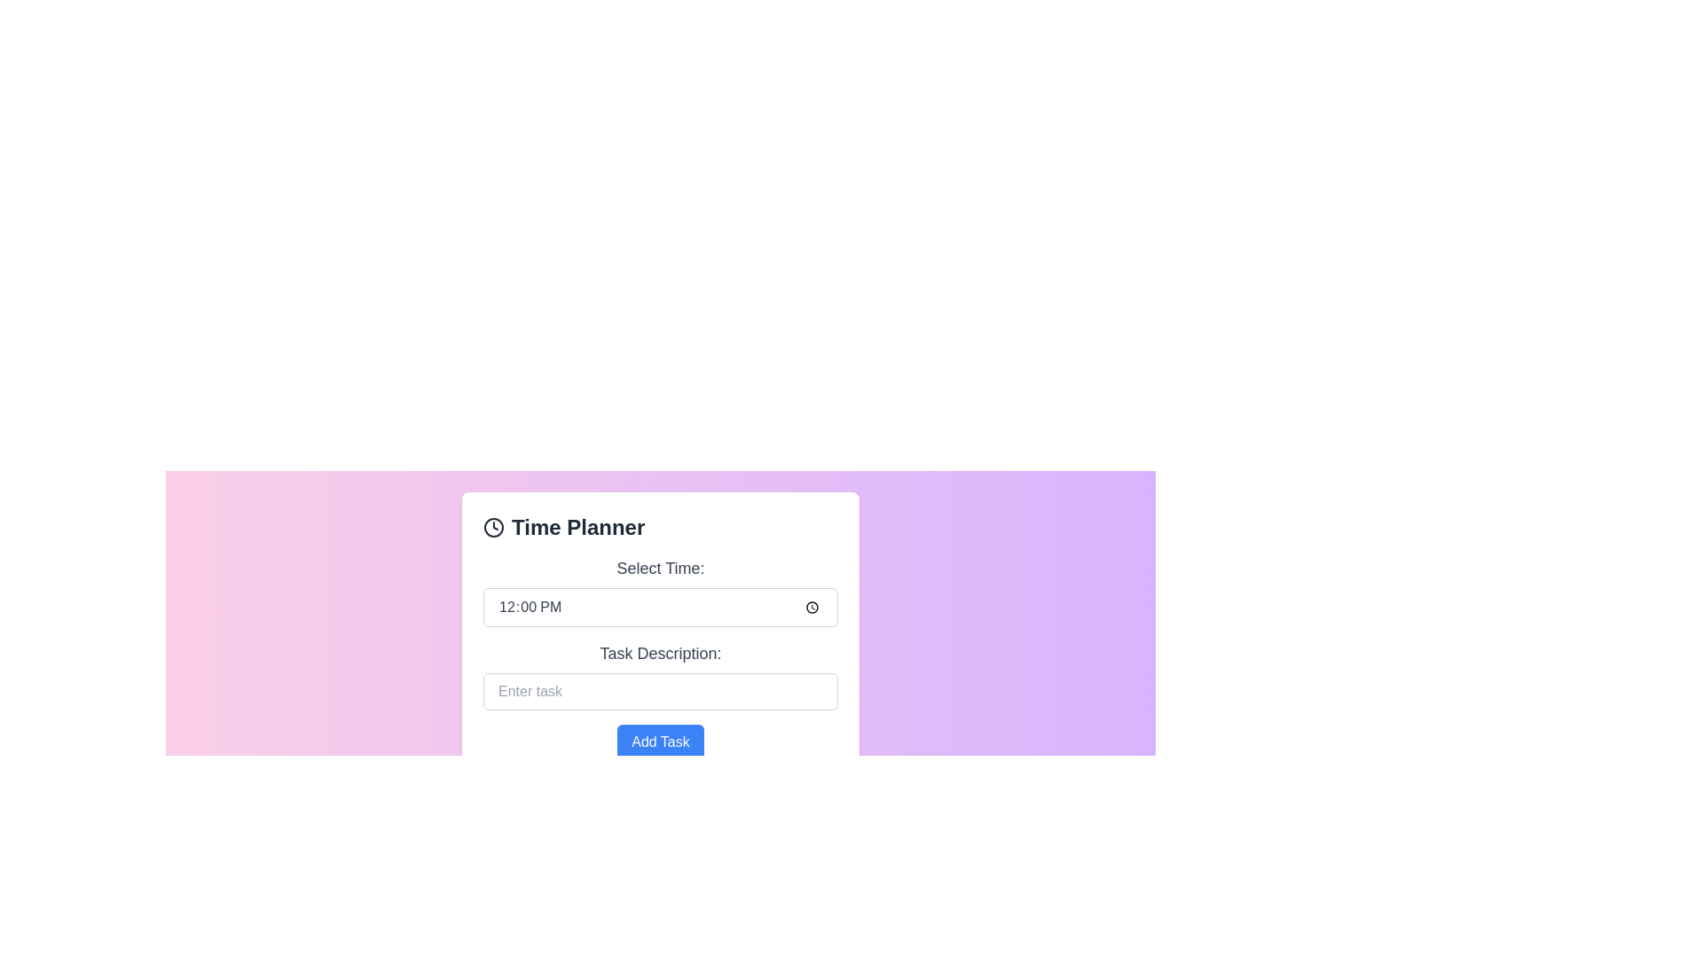  Describe the element at coordinates (493, 526) in the screenshot. I see `the clock icon with a circular outline and clock hands, located to the left of the 'Time Planner' text in the header section` at that location.